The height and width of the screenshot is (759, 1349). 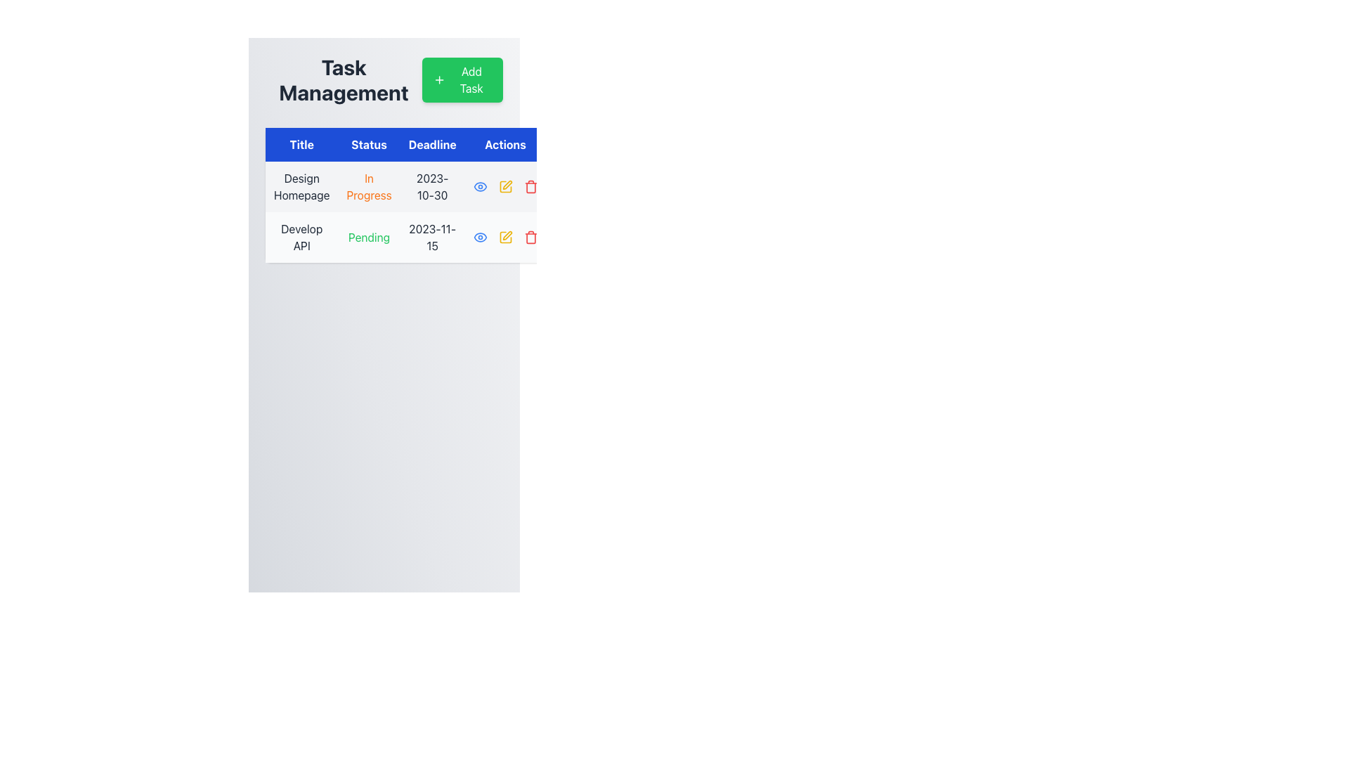 I want to click on the 'Edit' action button in the second row of the task table, located under the 'Actions' column, positioned between the blue eye icon and the red trash bin icon, so click(x=505, y=237).